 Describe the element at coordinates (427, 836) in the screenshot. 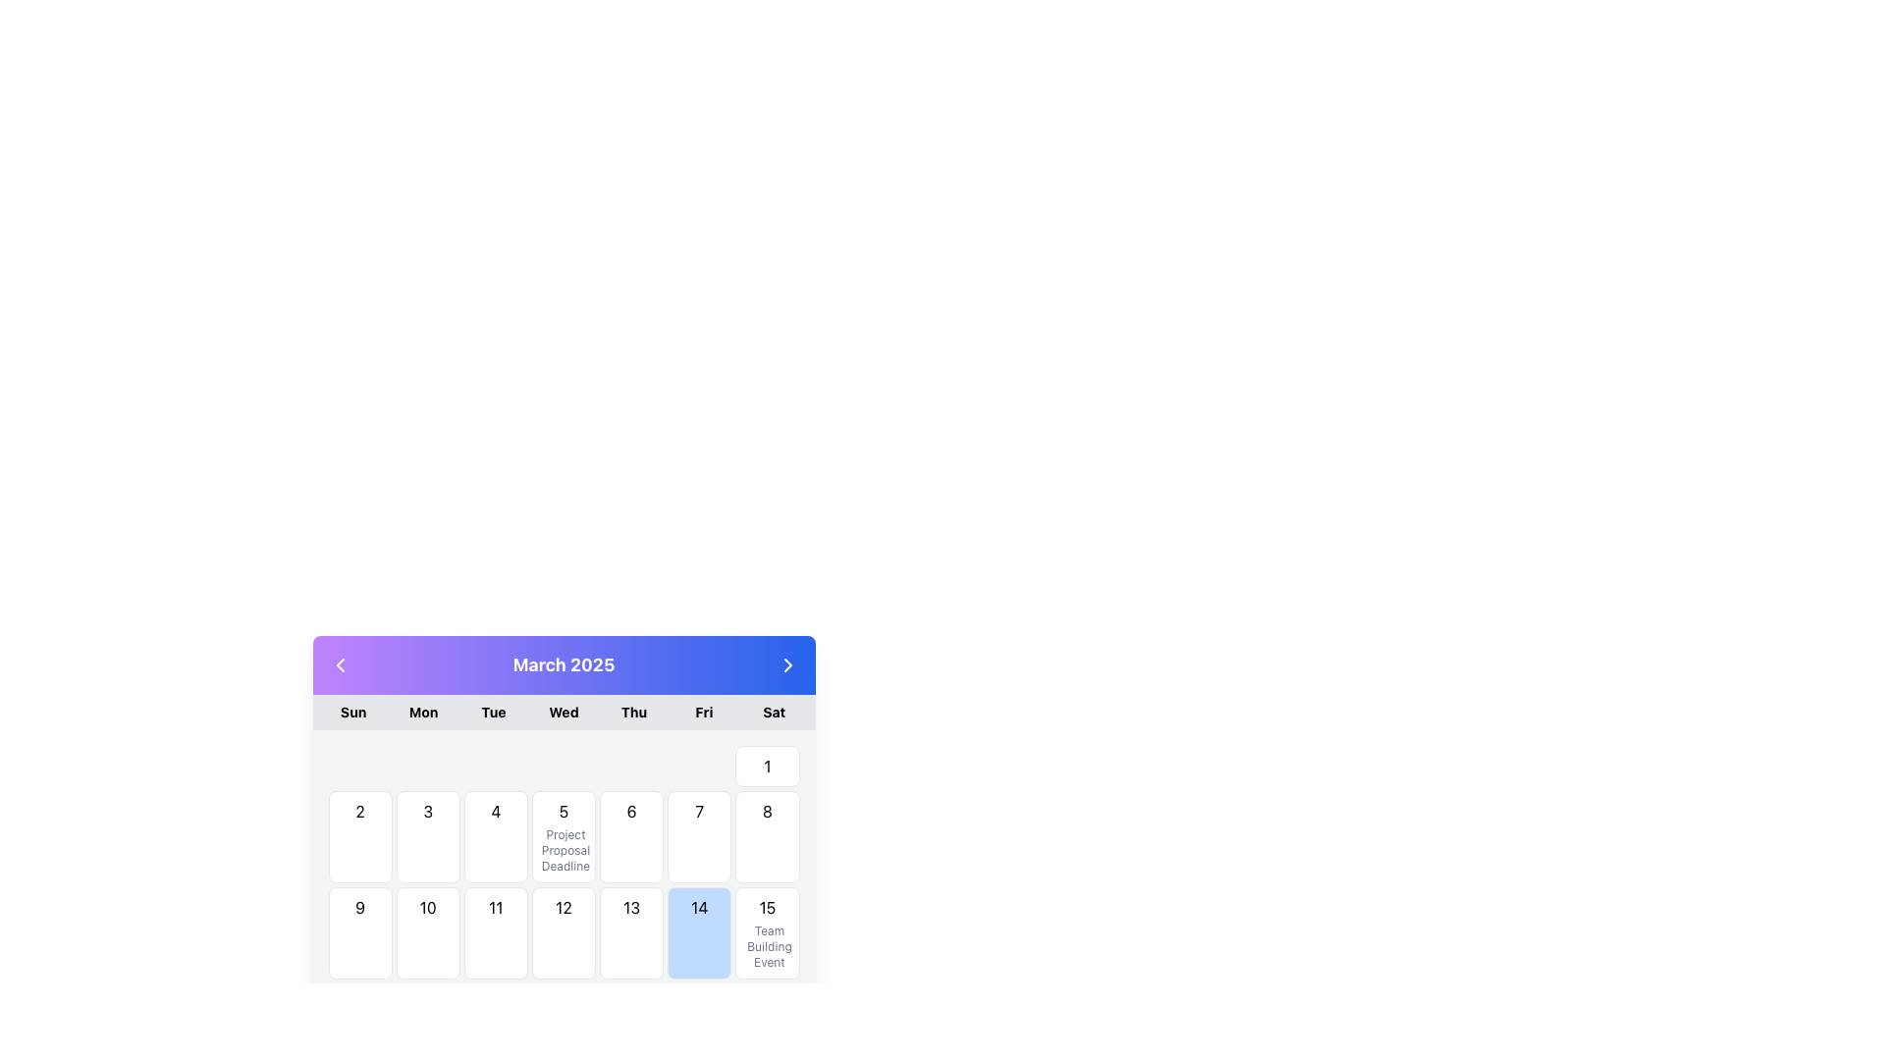

I see `the calendar cell displaying the number '3', which is the third cell in the second row of the calendar grid` at that location.